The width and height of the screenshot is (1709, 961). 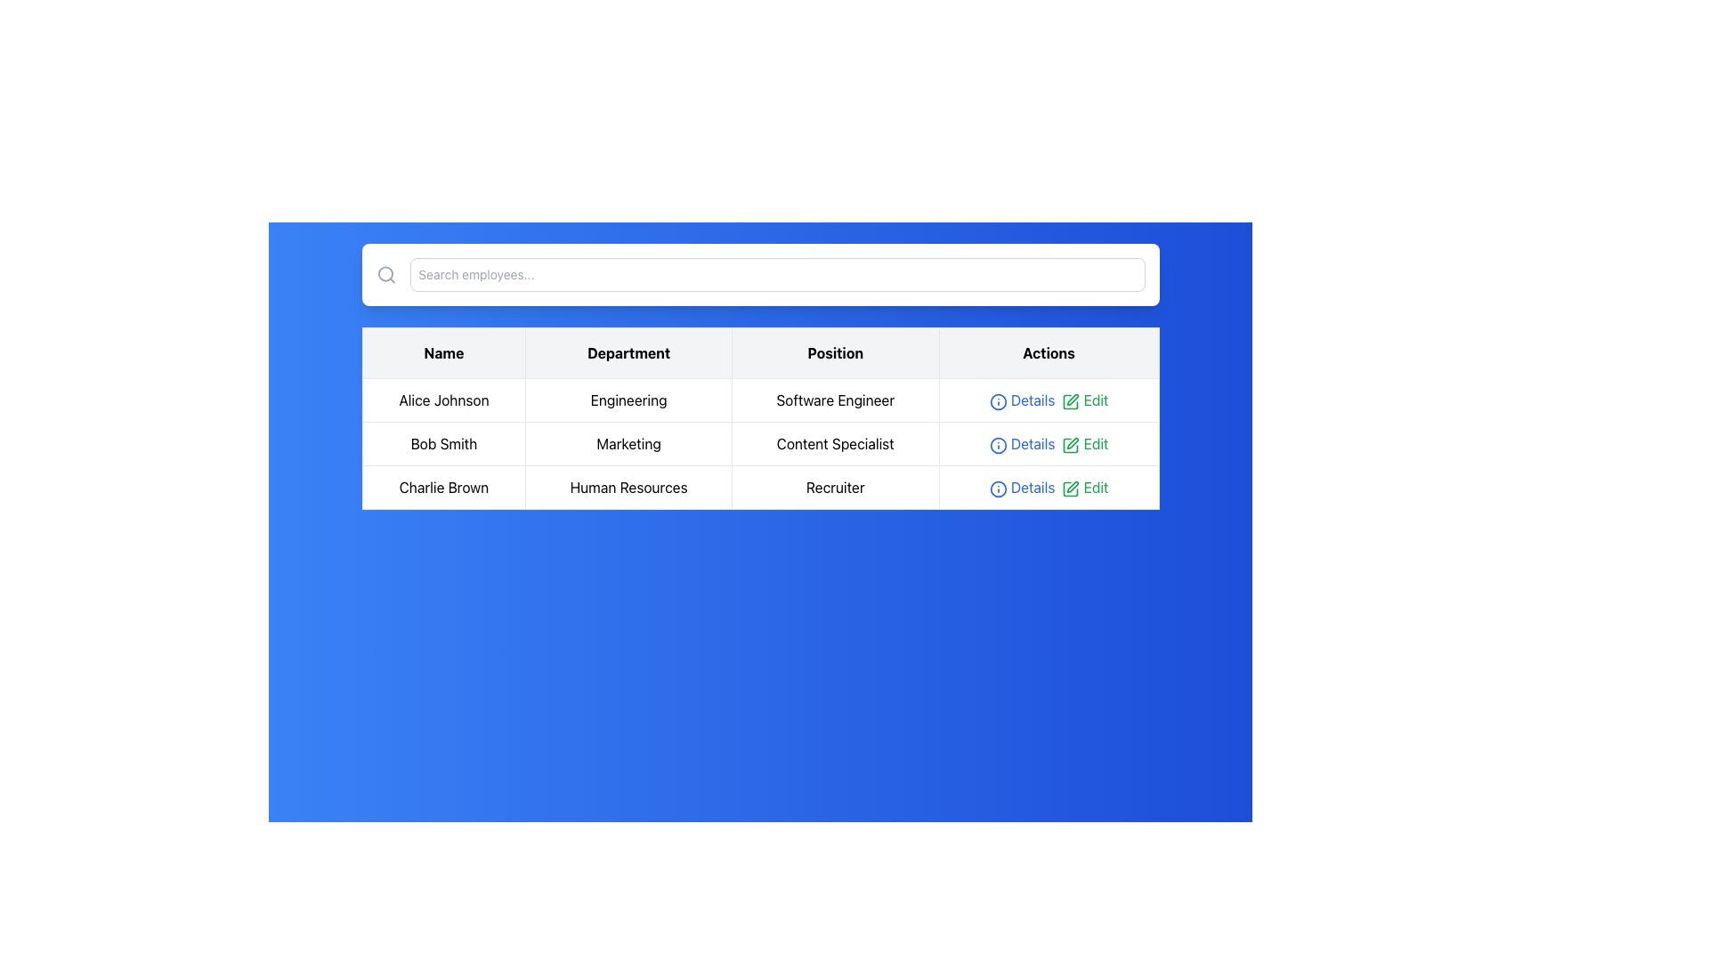 What do you see at coordinates (1070, 489) in the screenshot?
I see `the green pen icon in the Actions column next to the 'Edit' label for the row of 'Charlie Brown'` at bounding box center [1070, 489].